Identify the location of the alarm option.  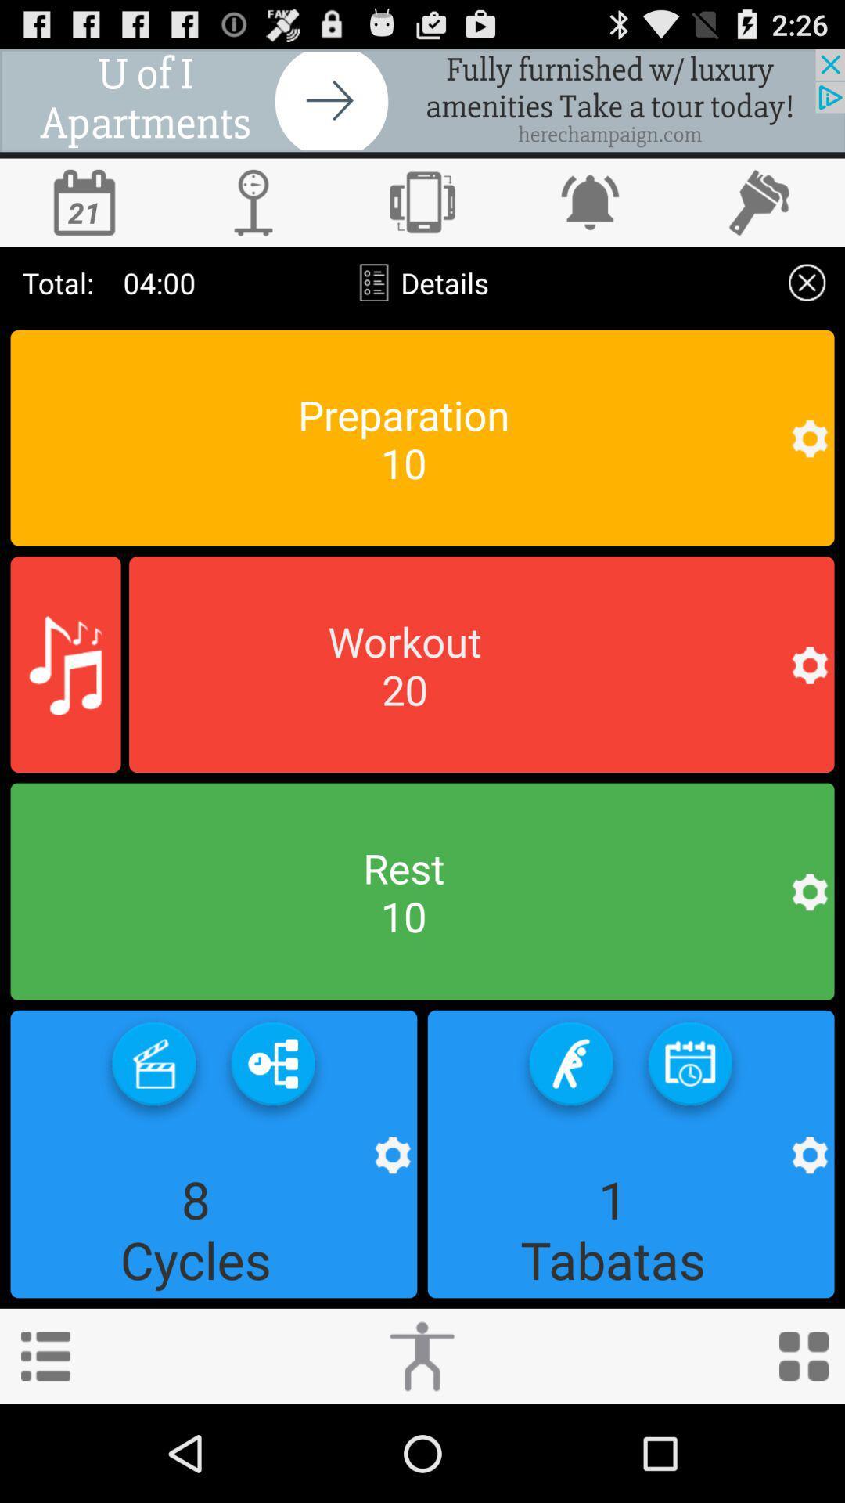
(591, 201).